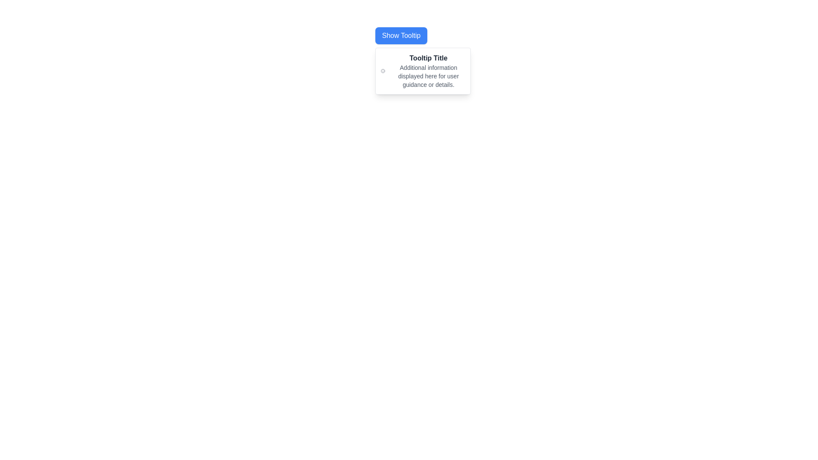  I want to click on the informational icon located in the top left corner of the tooltip box titled 'Tooltip Title', so click(382, 70).